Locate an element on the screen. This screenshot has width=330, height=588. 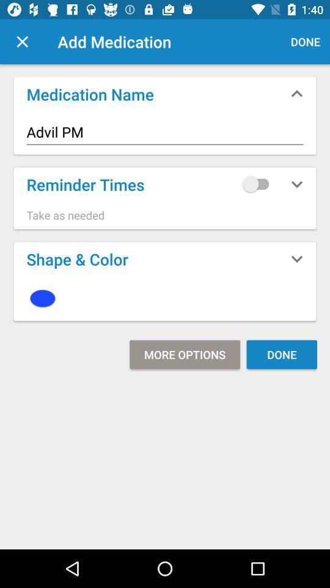
the   item is located at coordinates (165, 298).